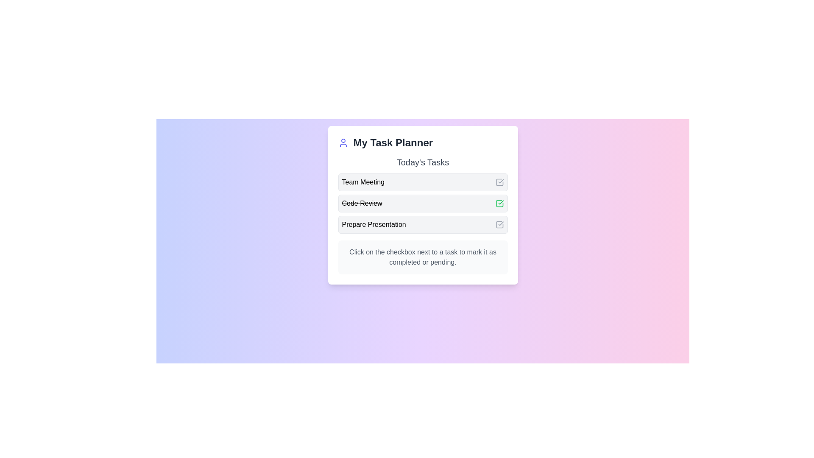 This screenshot has height=458, width=814. Describe the element at coordinates (423, 162) in the screenshot. I see `the heading that indicates the content scope of the task section, positioned directly below 'My Task Planner' and above task items like 'Team Meeting' and 'Code Review'` at that location.